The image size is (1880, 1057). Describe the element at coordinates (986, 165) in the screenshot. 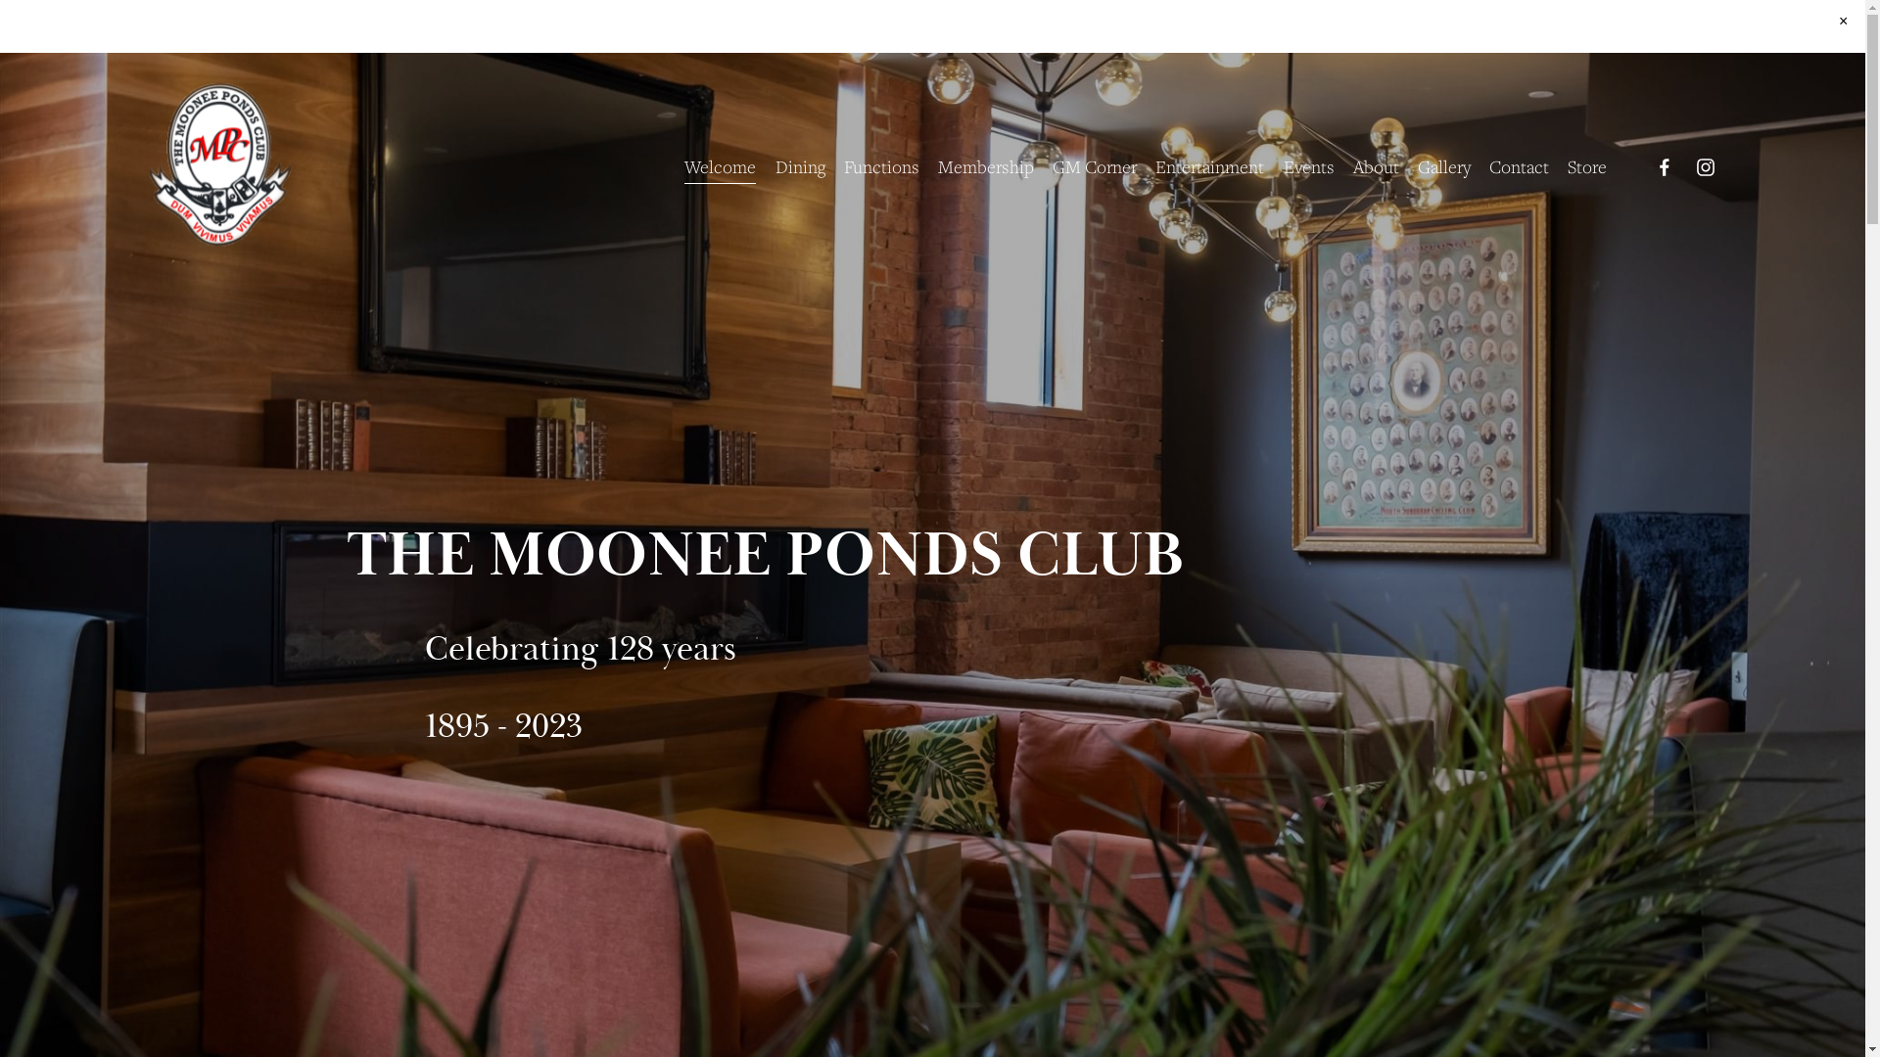

I see `'Membership'` at that location.